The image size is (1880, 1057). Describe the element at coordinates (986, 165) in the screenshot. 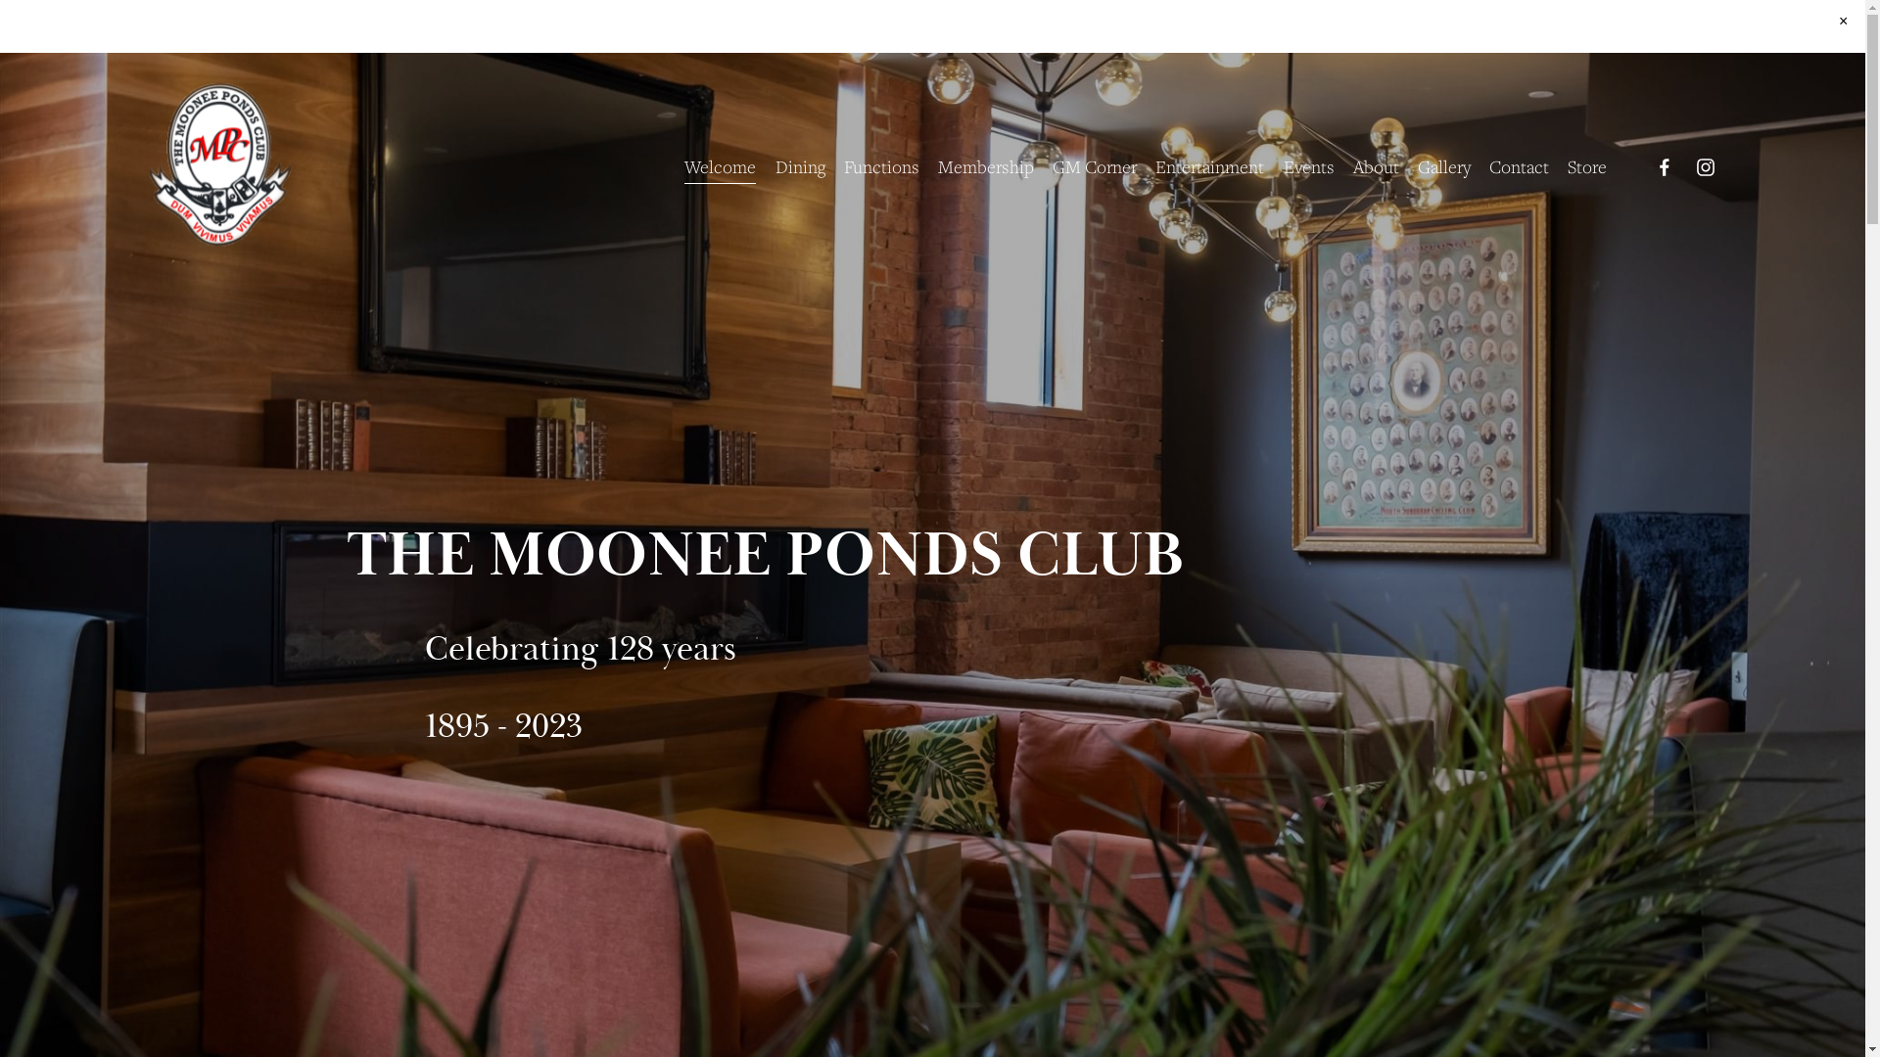

I see `'Membership'` at that location.